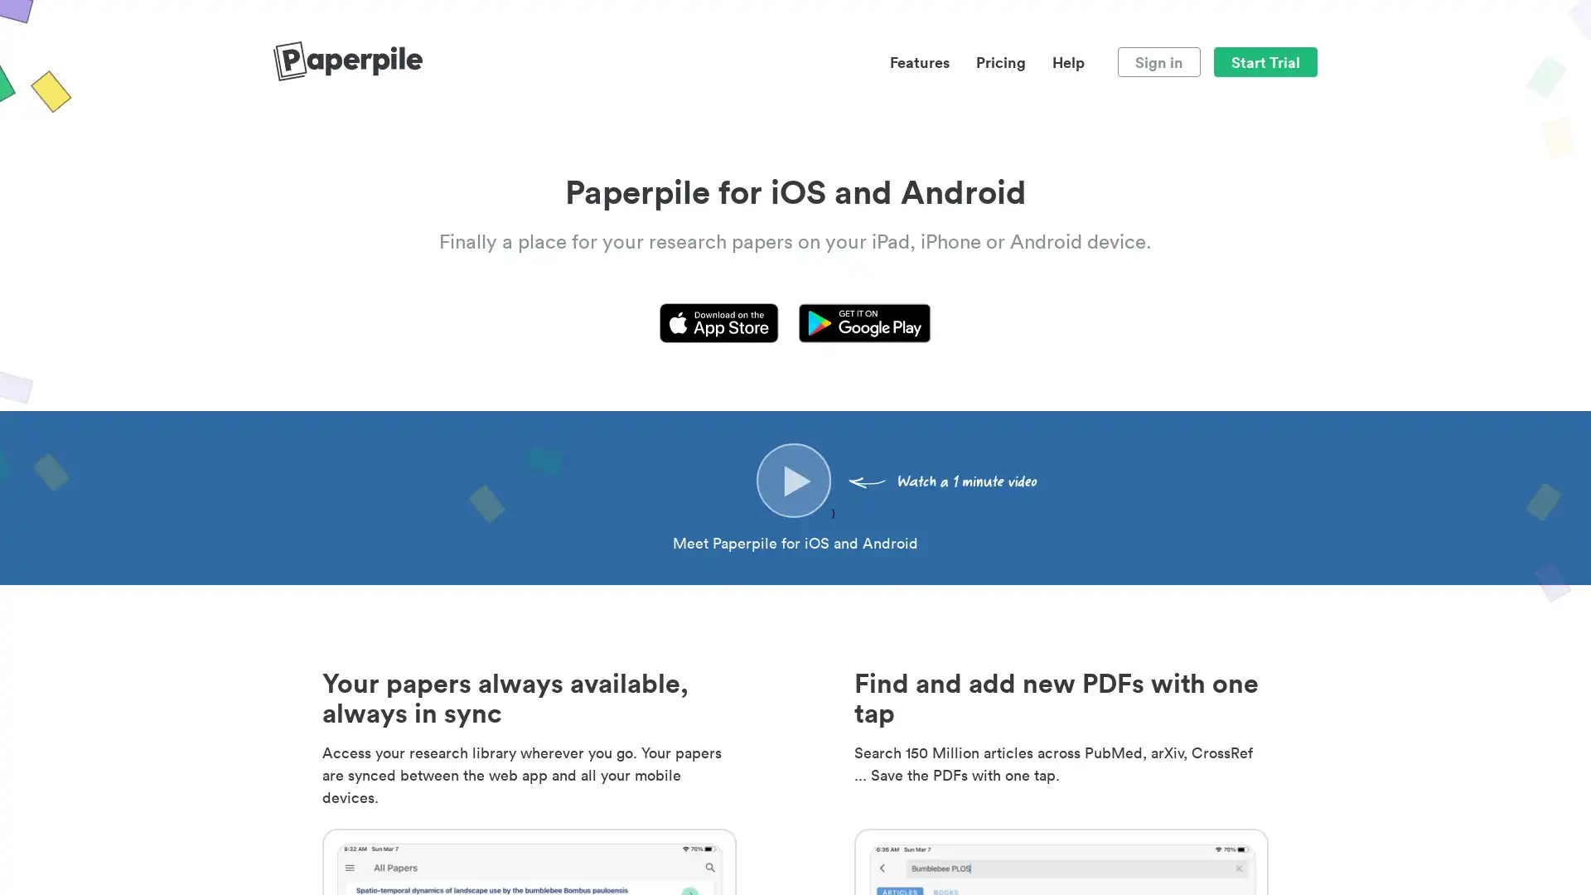 This screenshot has height=895, width=1591. What do you see at coordinates (1265, 60) in the screenshot?
I see `Start Trial` at bounding box center [1265, 60].